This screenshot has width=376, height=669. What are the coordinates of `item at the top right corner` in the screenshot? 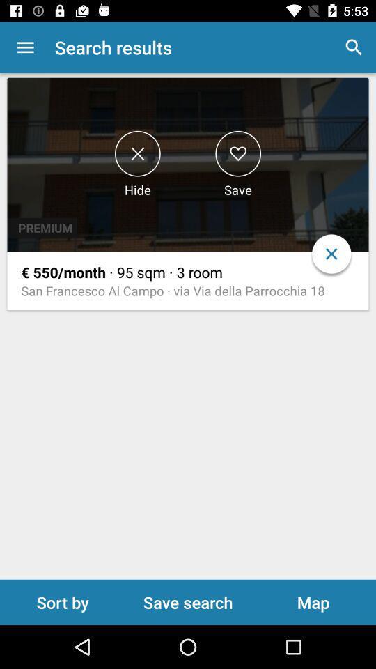 It's located at (354, 47).